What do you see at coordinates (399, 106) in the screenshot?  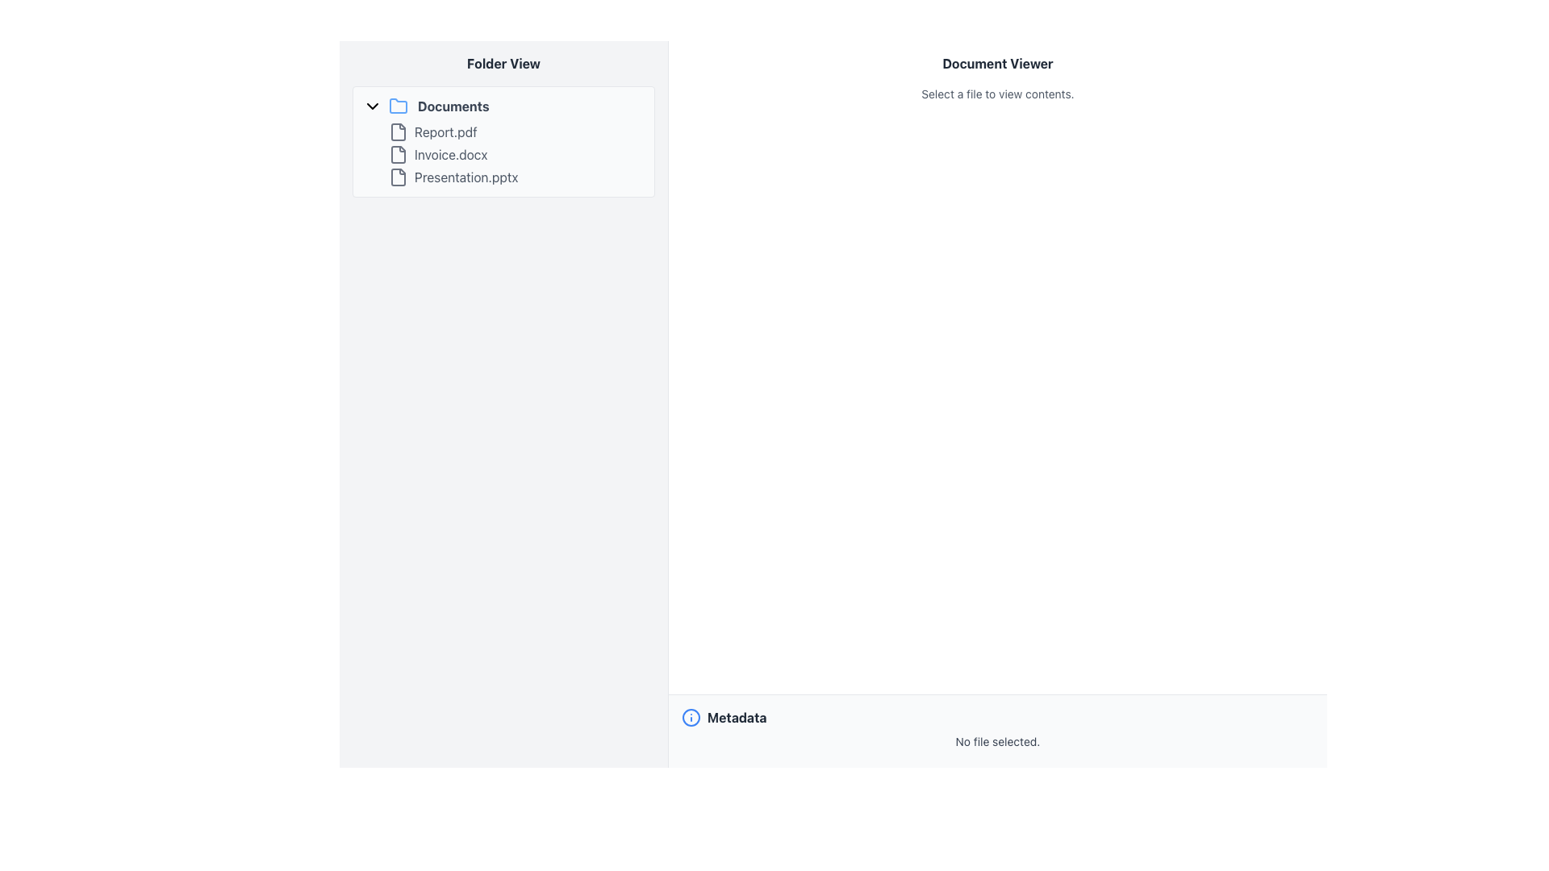 I see `the 'Documents' folder icon located in the 'Folder View' section of the UI to interact with it` at bounding box center [399, 106].